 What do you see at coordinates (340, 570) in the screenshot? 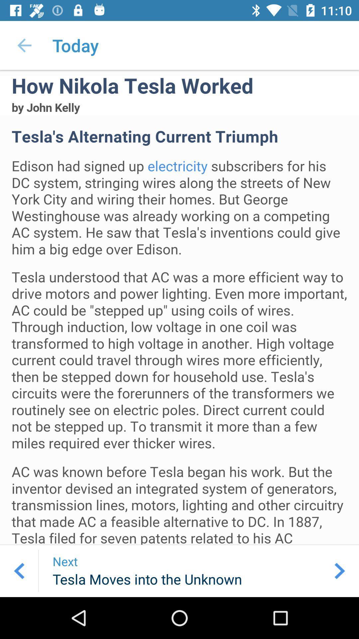
I see `next` at bounding box center [340, 570].